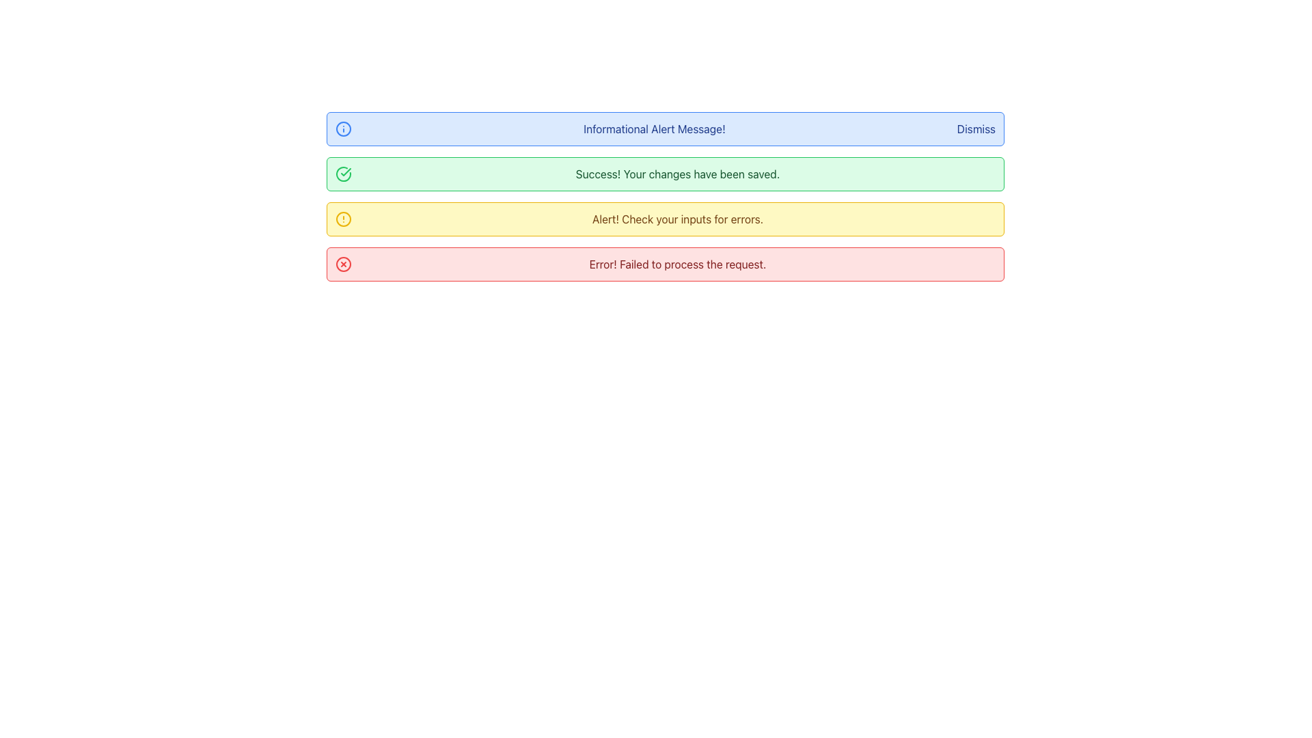  What do you see at coordinates (666, 218) in the screenshot?
I see `the Notification Box that has a yellow background, contains an alert icon, and displays the text 'Alert! Check your inputs for errors.'` at bounding box center [666, 218].